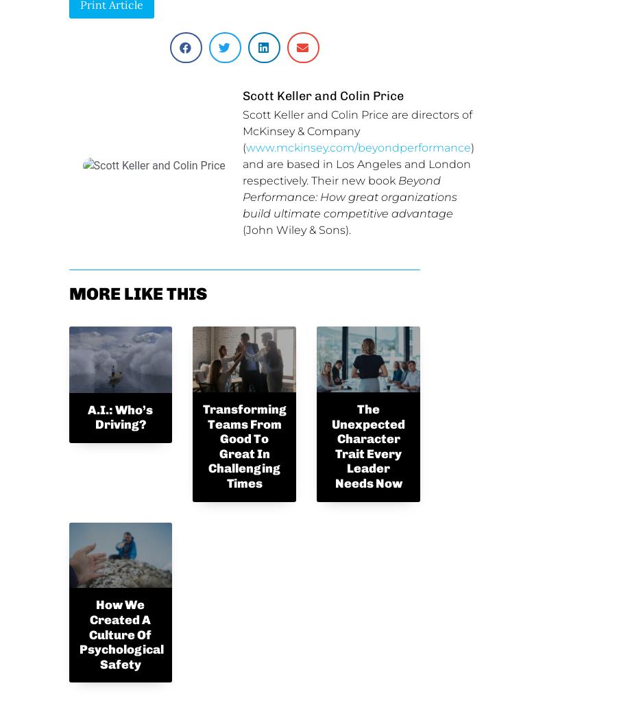 This screenshot has width=617, height=725. Describe the element at coordinates (356, 131) in the screenshot. I see `'Scott Keller and Colin Price are directors of McKinsey & Company ('` at that location.